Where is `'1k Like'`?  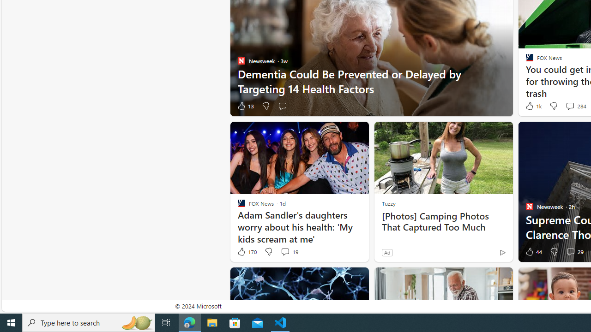
'1k Like' is located at coordinates (533, 106).